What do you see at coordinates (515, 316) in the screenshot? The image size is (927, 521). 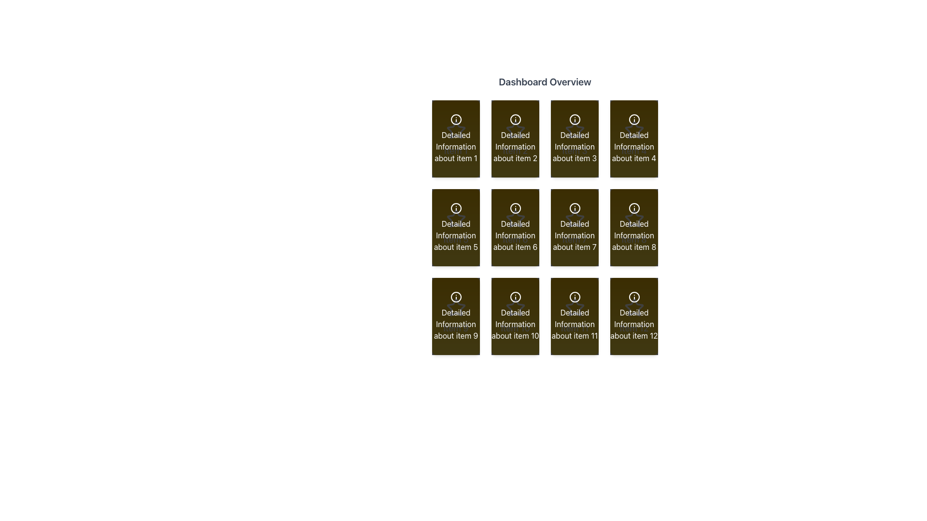 I see `the card representing 'item 10', which is located in the bottom row as the second card in a grid layout` at bounding box center [515, 316].